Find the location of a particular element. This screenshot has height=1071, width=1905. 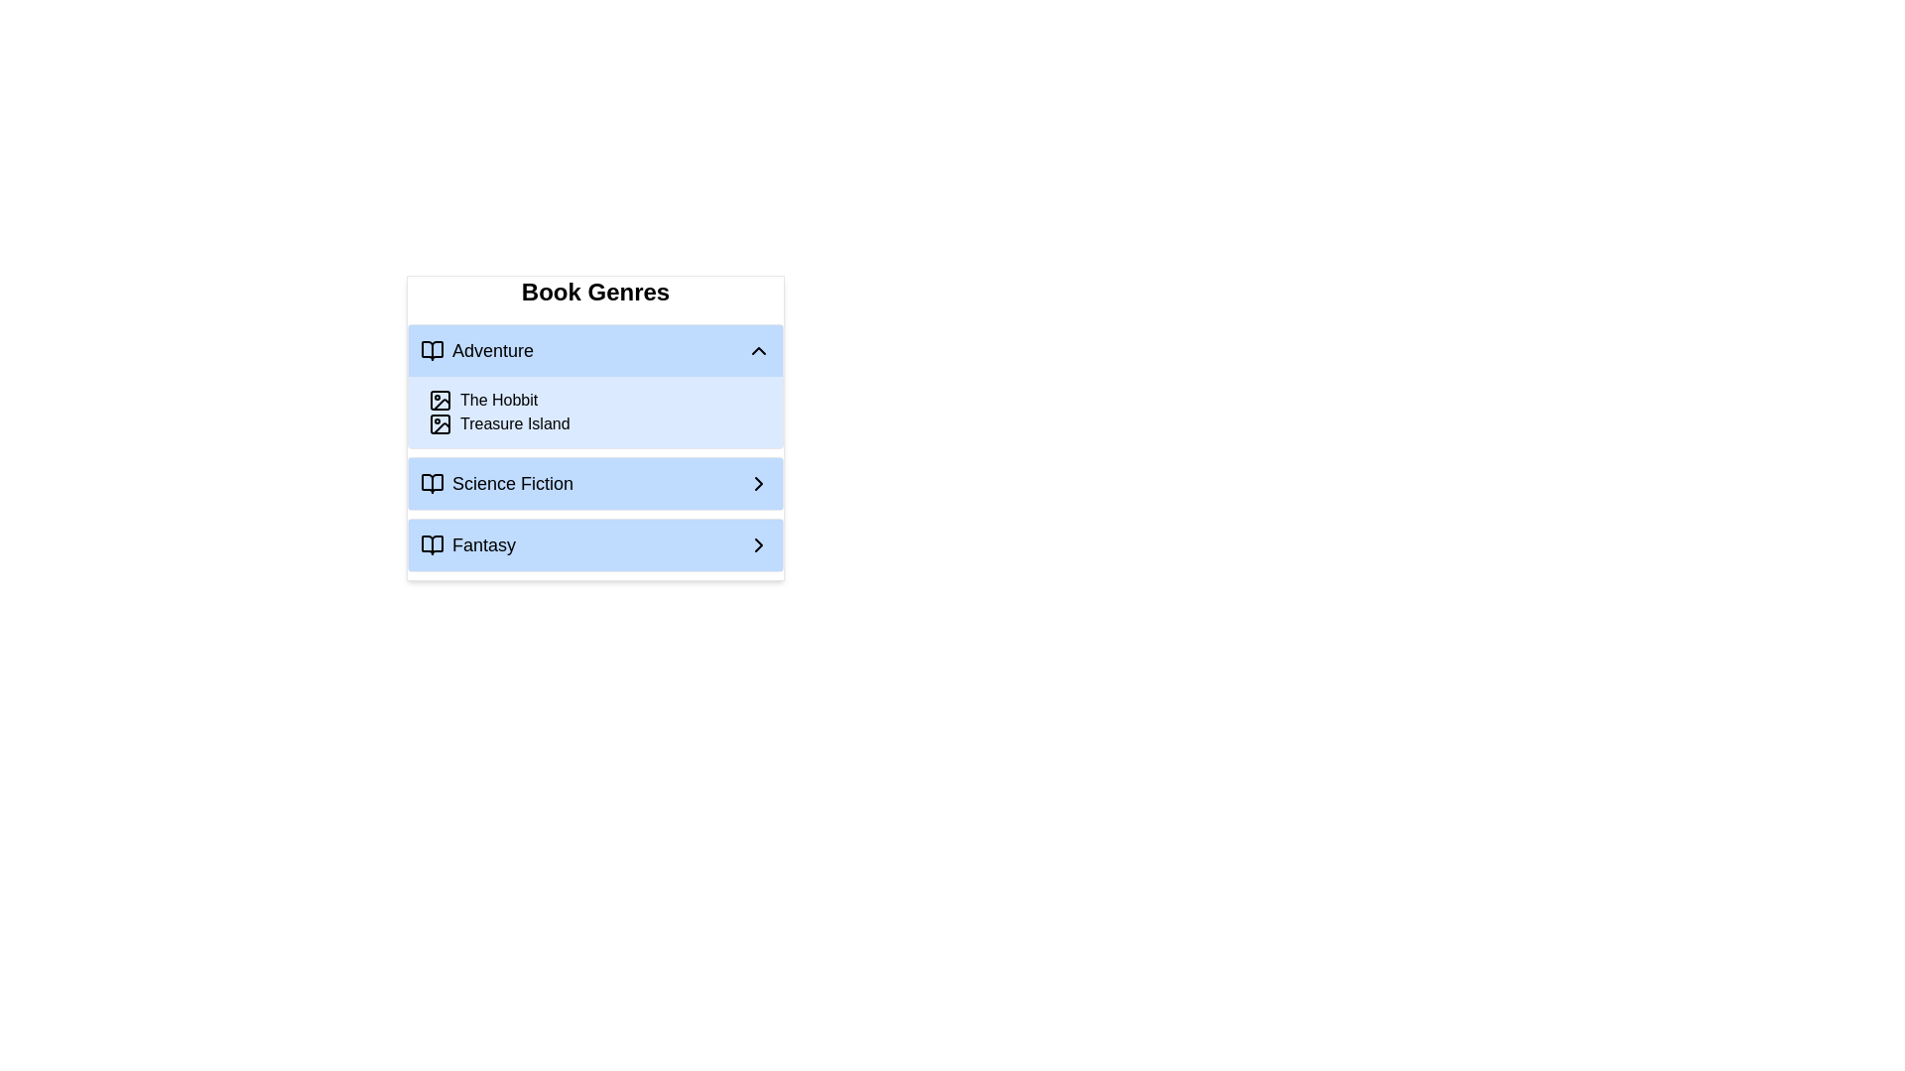

the chevron arrow icon indicating the expandable state for the 'Science Fiction' category, located on the right-hand side of the respective row is located at coordinates (757, 484).